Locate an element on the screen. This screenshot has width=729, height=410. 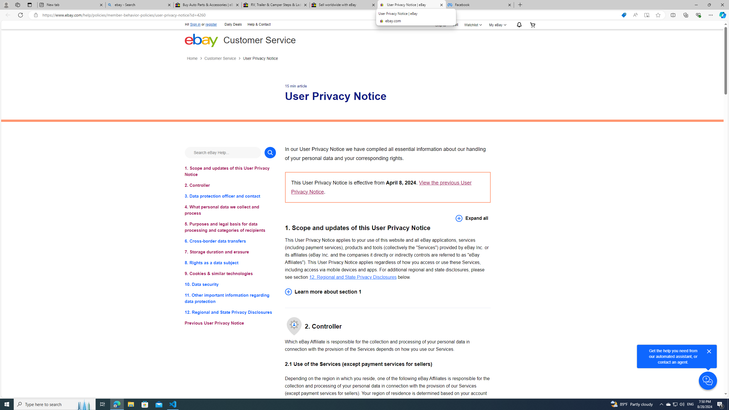
'Sell worldwide with eBay' is located at coordinates (343, 5).